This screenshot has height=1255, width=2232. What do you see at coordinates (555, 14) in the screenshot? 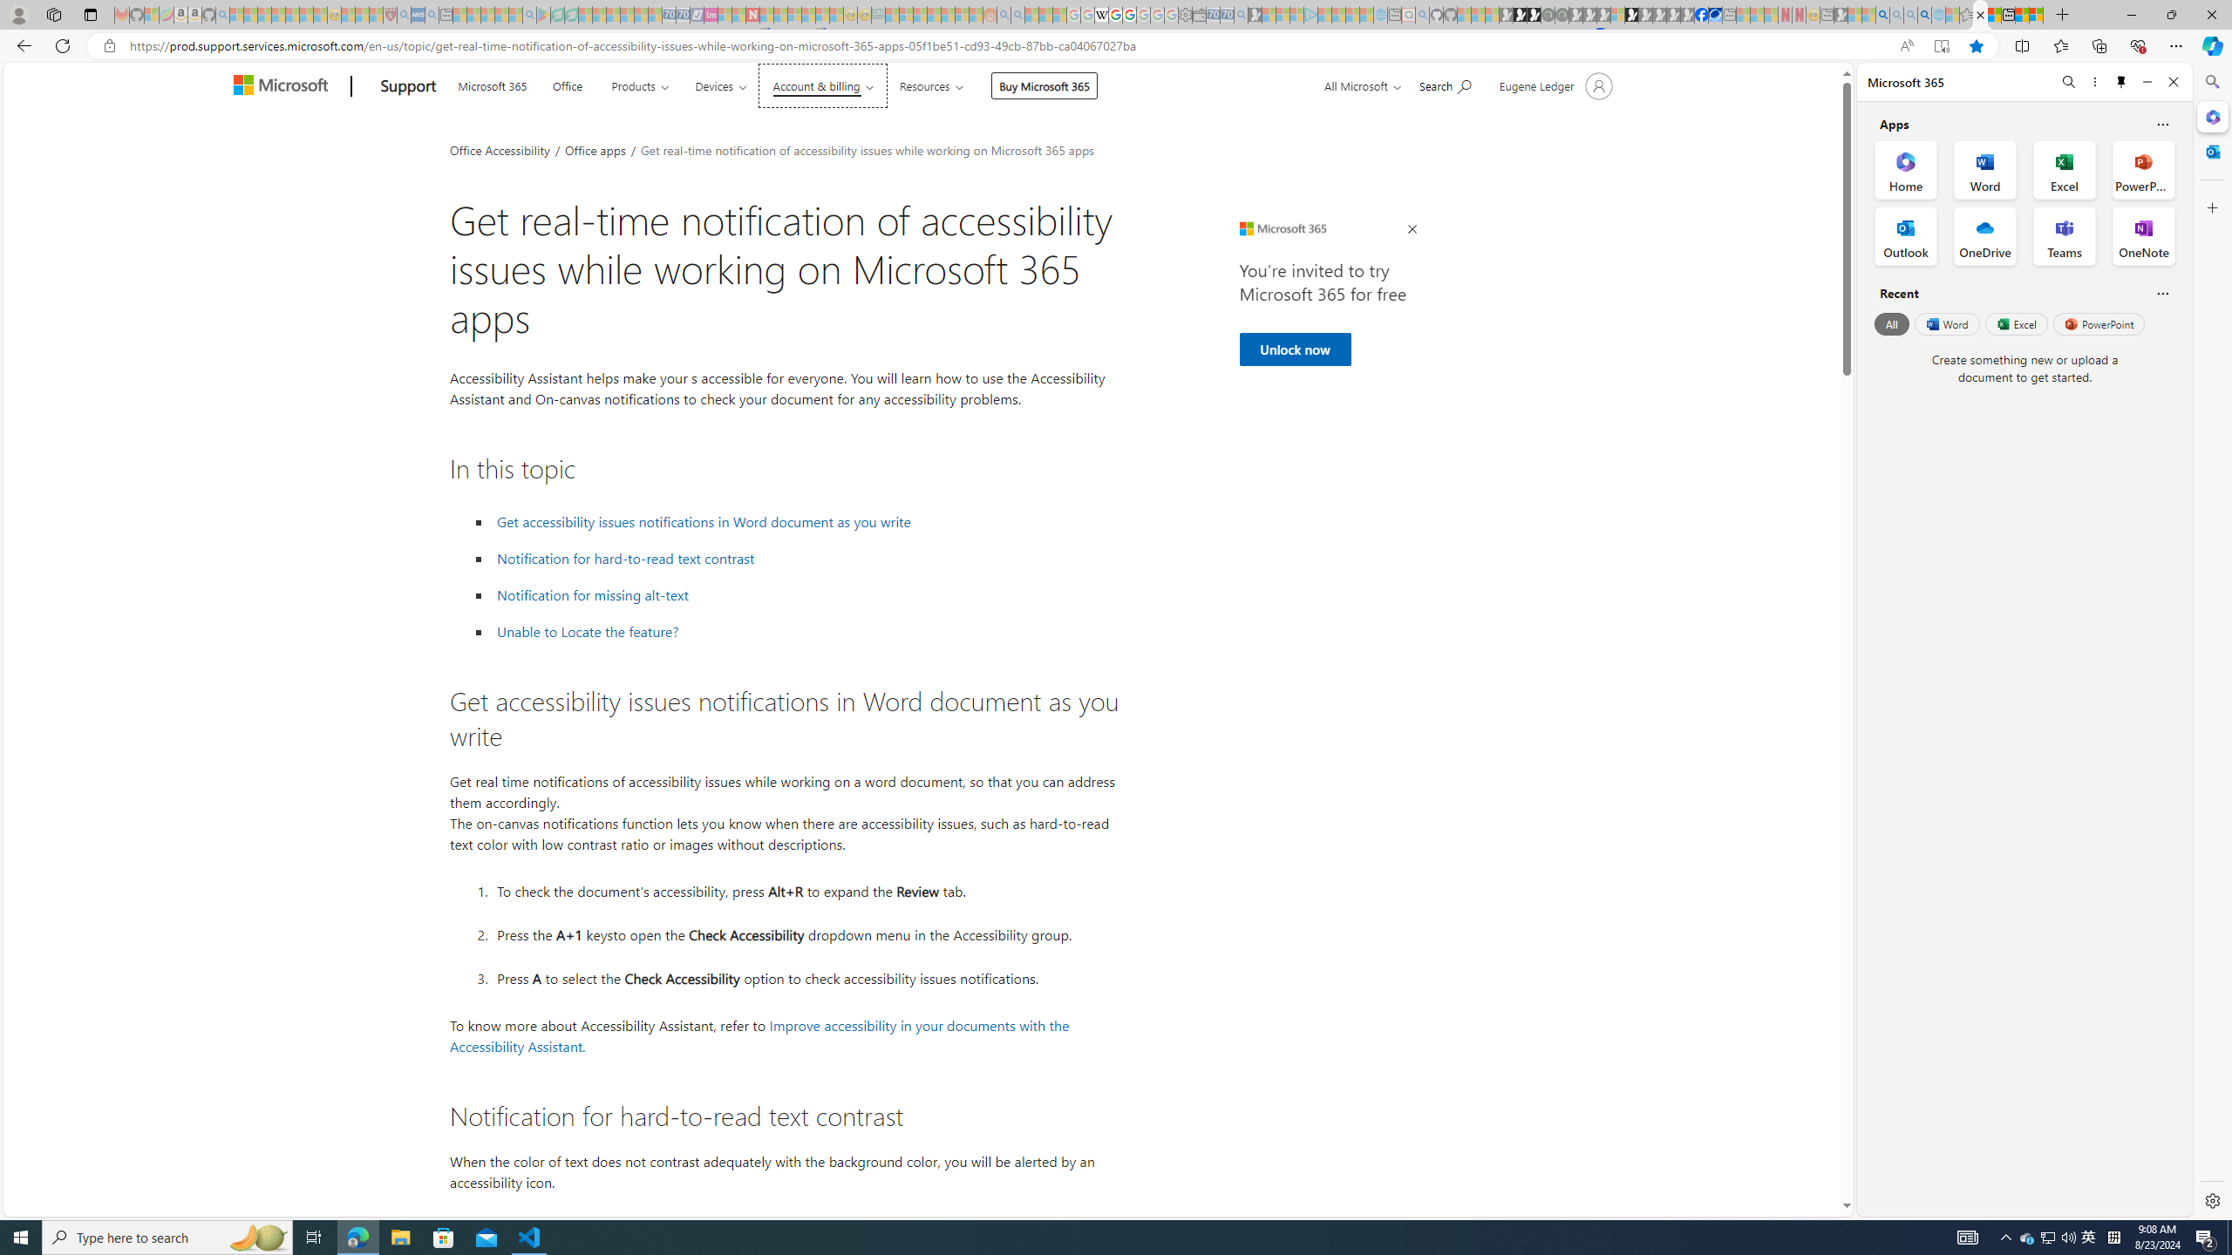
I see `'Terms of Use Agreement - Sleeping'` at bounding box center [555, 14].